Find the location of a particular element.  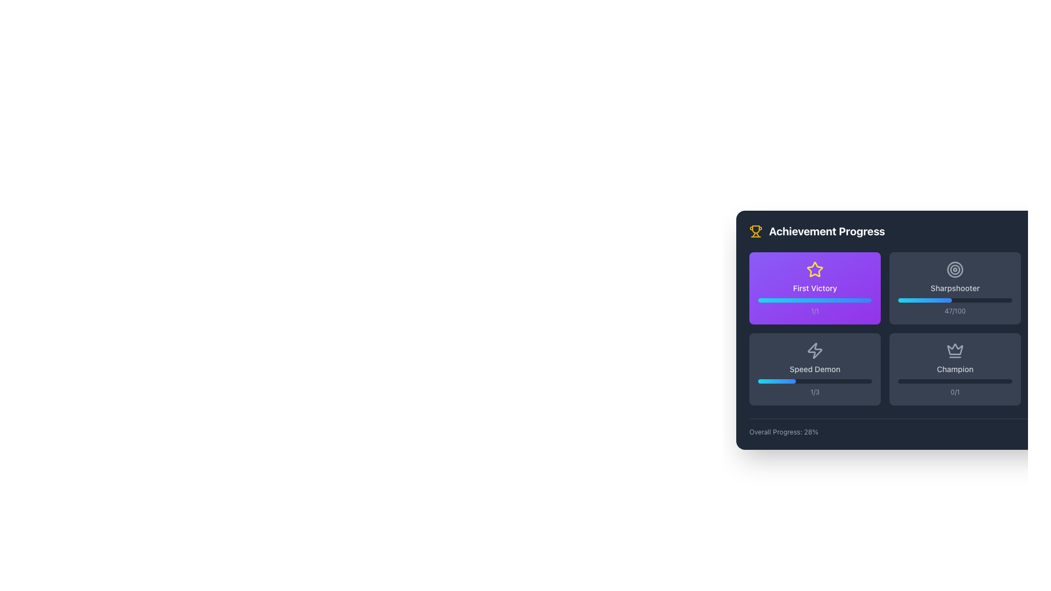

the filled portion of the horizontal progress bar segment under the 'Speed Demon' label in the 'Achievement Progress' card is located at coordinates (776, 381).